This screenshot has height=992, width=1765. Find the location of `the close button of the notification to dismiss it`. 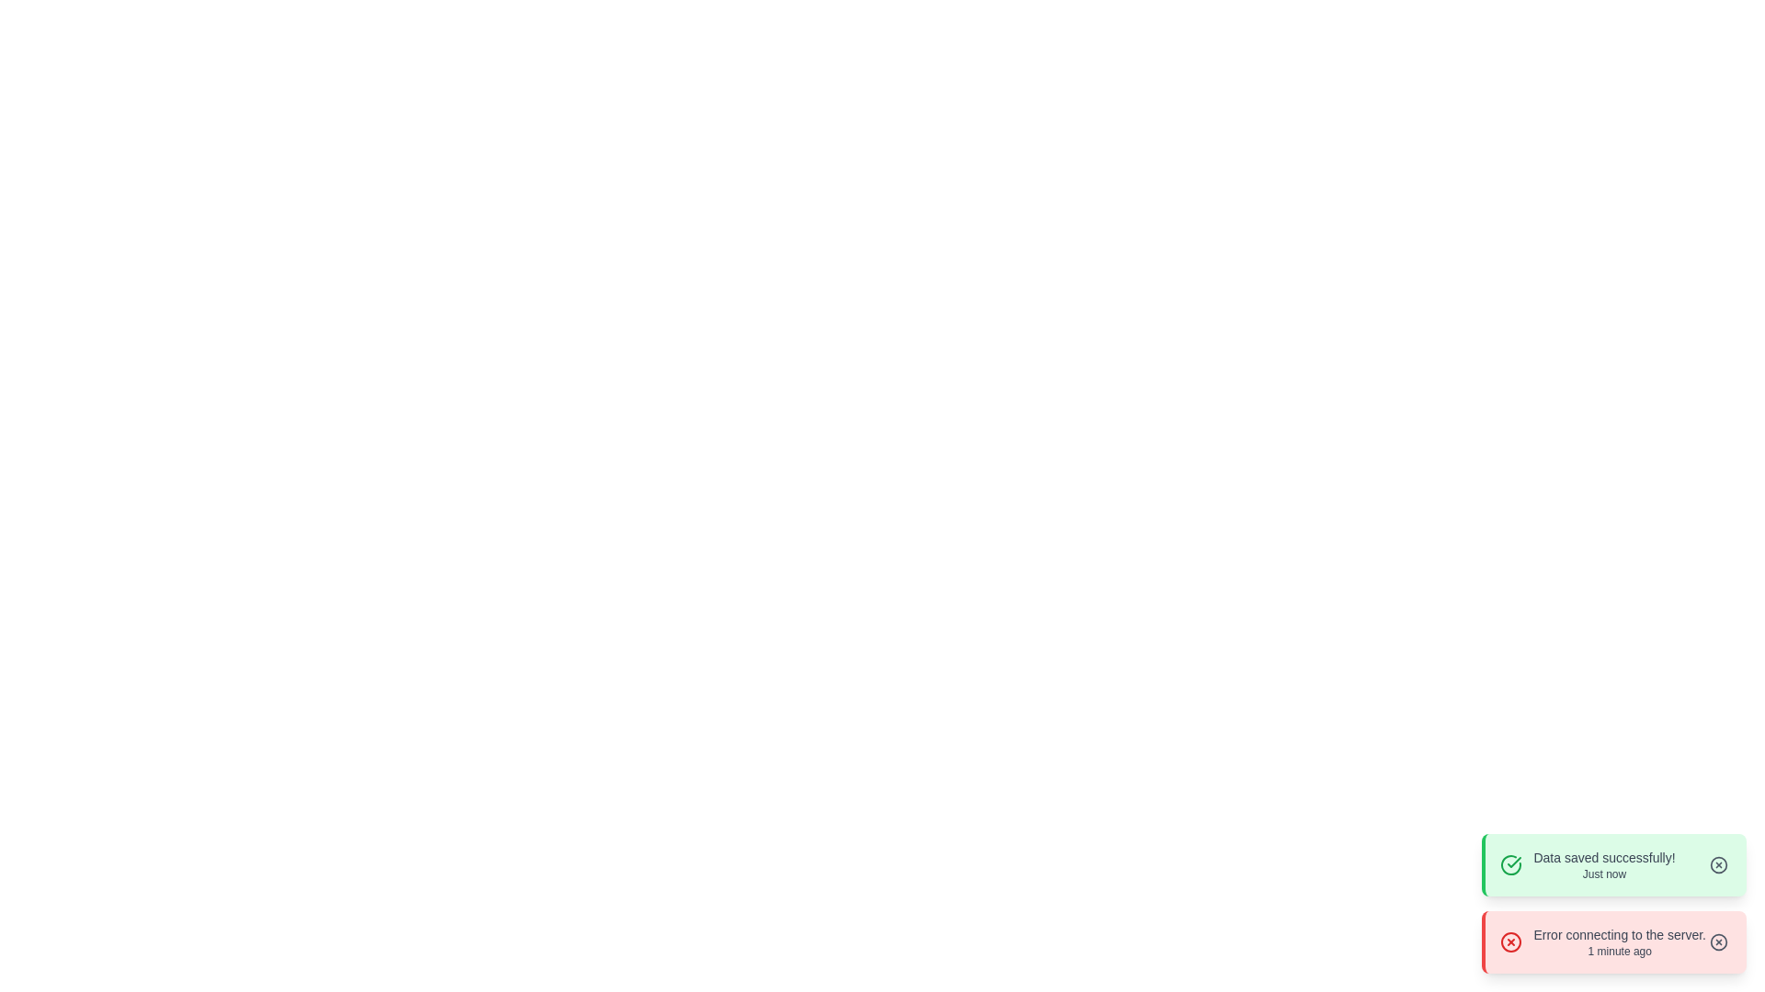

the close button of the notification to dismiss it is located at coordinates (1718, 864).